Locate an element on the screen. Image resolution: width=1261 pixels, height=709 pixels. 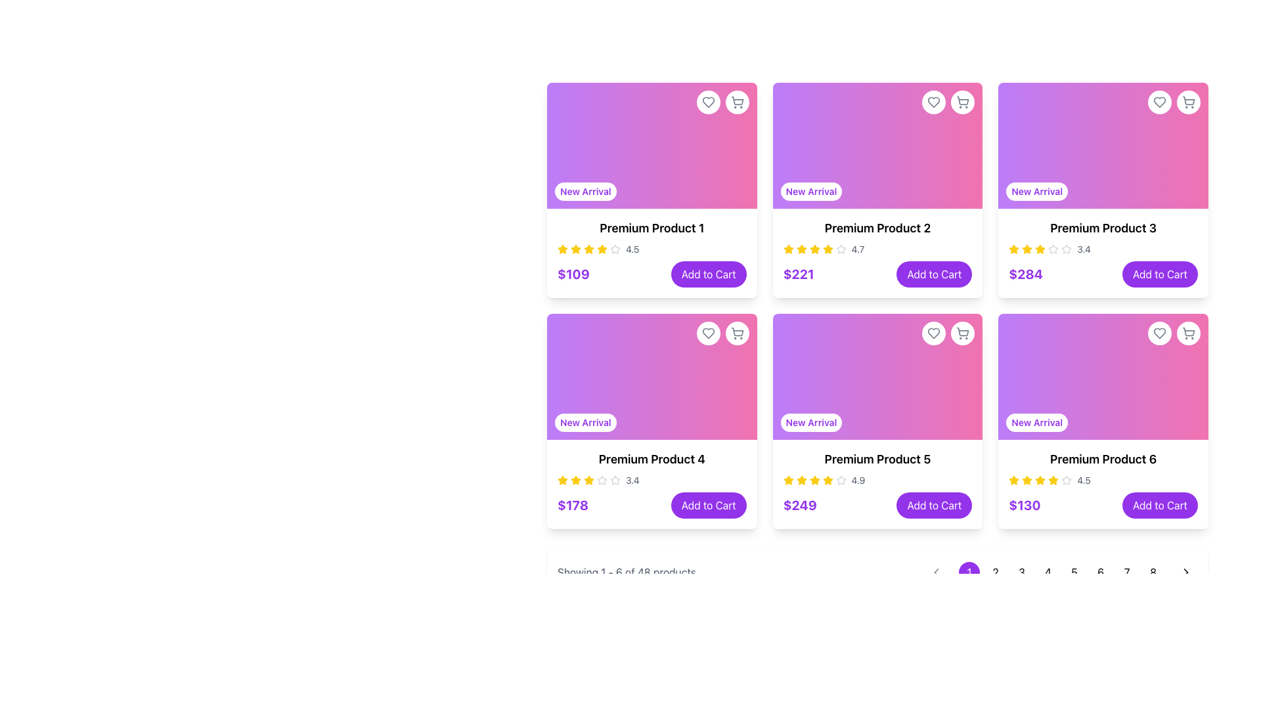
the button located in the first product card, positioned bottom-right adjacent to the '$109' price label is located at coordinates (708, 273).